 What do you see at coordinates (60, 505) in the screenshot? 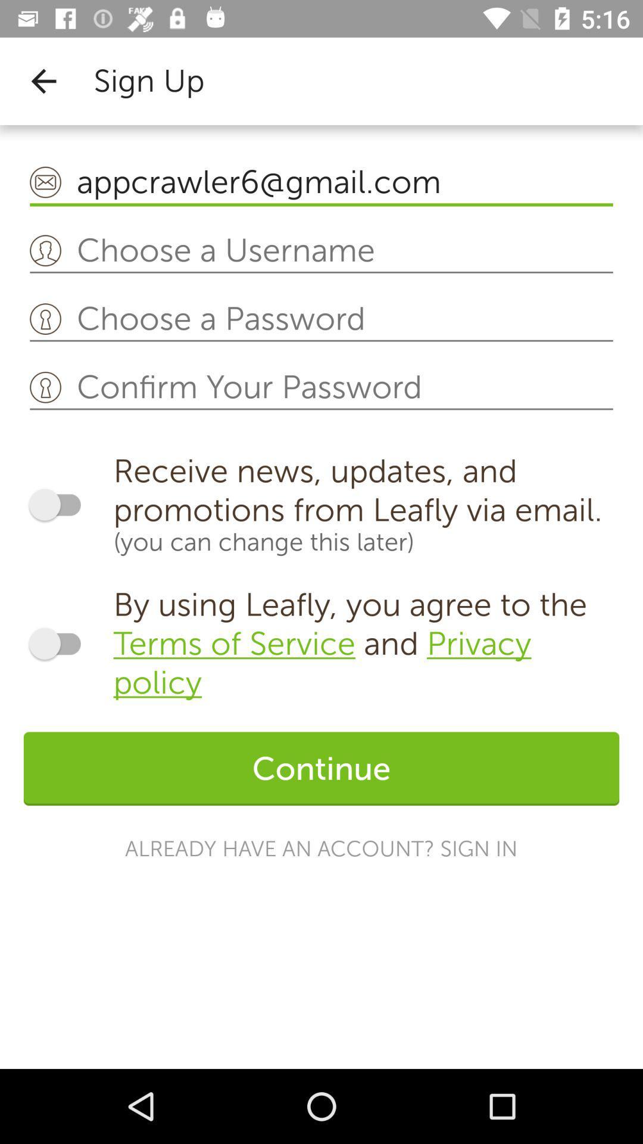
I see `button to receive news updates and promotions` at bounding box center [60, 505].